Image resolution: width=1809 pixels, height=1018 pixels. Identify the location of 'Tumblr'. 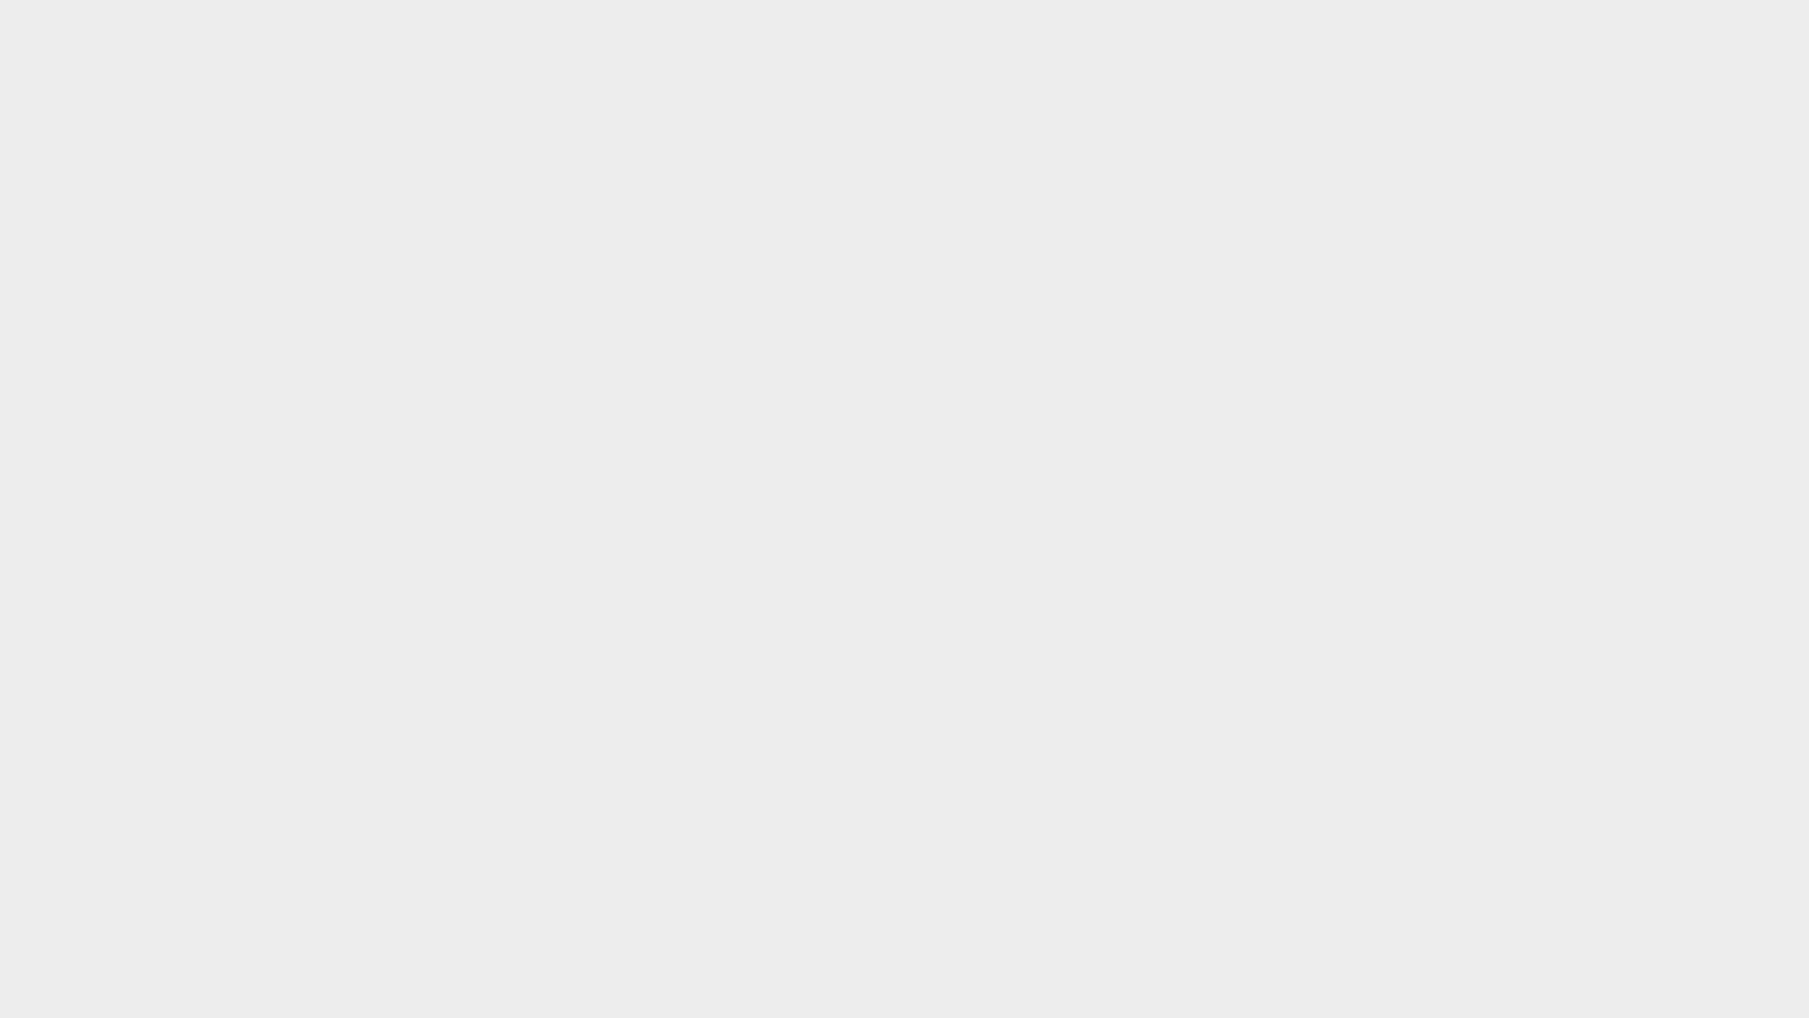
(1408, 23).